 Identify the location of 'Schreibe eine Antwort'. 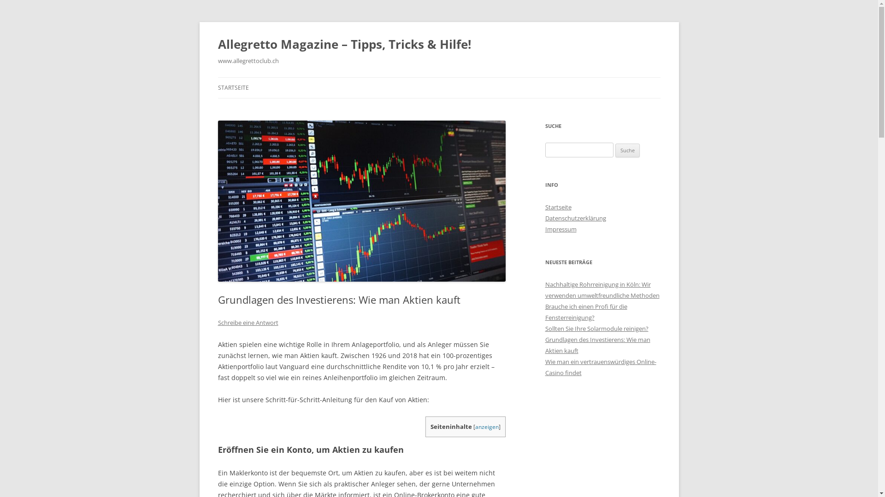
(248, 322).